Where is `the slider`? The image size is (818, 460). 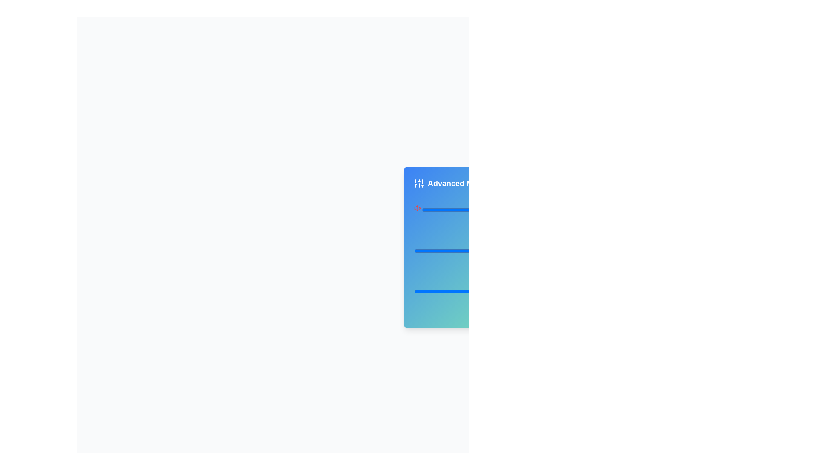 the slider is located at coordinates (556, 291).